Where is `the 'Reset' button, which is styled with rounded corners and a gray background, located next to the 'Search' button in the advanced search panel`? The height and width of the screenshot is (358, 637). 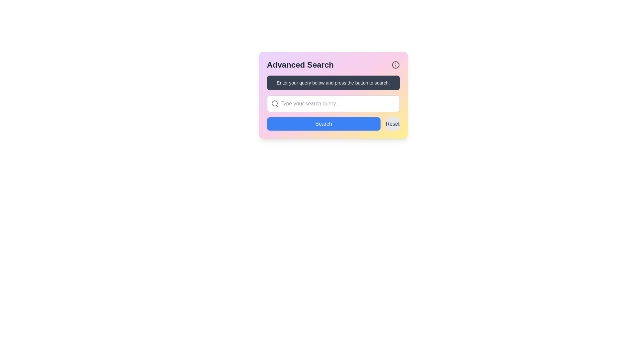
the 'Reset' button, which is styled with rounded corners and a gray background, located next to the 'Search' button in the advanced search panel is located at coordinates (392, 124).